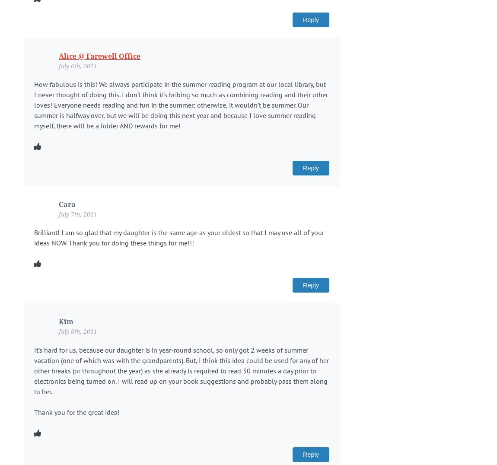 The image size is (497, 465). What do you see at coordinates (58, 55) in the screenshot?
I see `'Alice @ Farewell Office'` at bounding box center [58, 55].